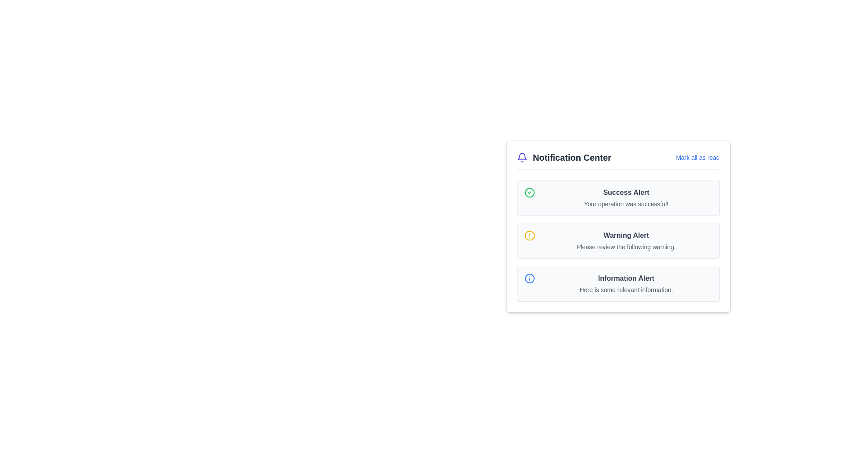  I want to click on the 'Notification Center' text label, which is styled prominently in bold font and positioned next to a bell icon with an indigo blue color, located at the top left corner of the notification panel, so click(564, 157).